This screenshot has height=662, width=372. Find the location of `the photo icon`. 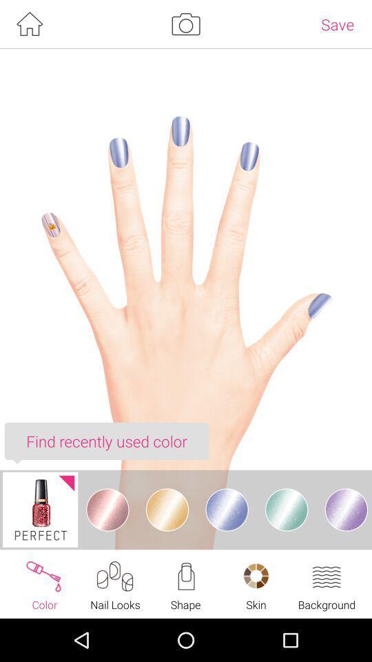

the photo icon is located at coordinates (185, 25).